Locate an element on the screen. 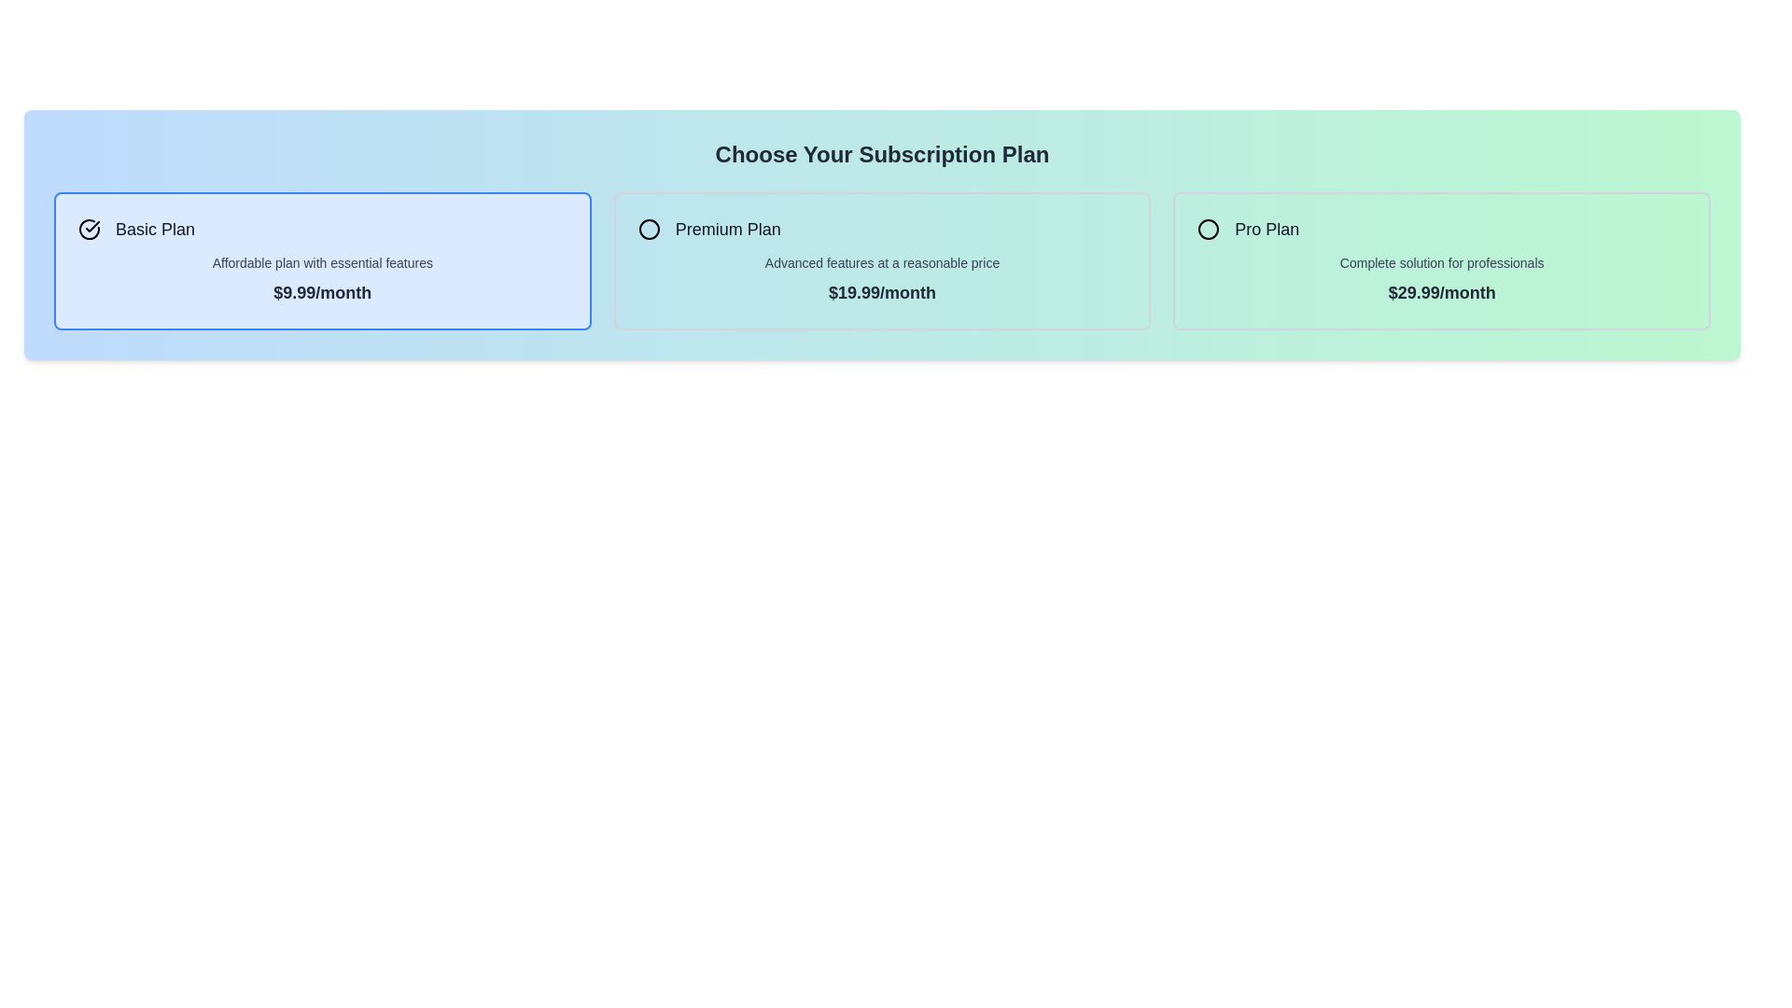  the text that serves as the heading for the Basic Plan subscription tier is located at coordinates (155, 229).